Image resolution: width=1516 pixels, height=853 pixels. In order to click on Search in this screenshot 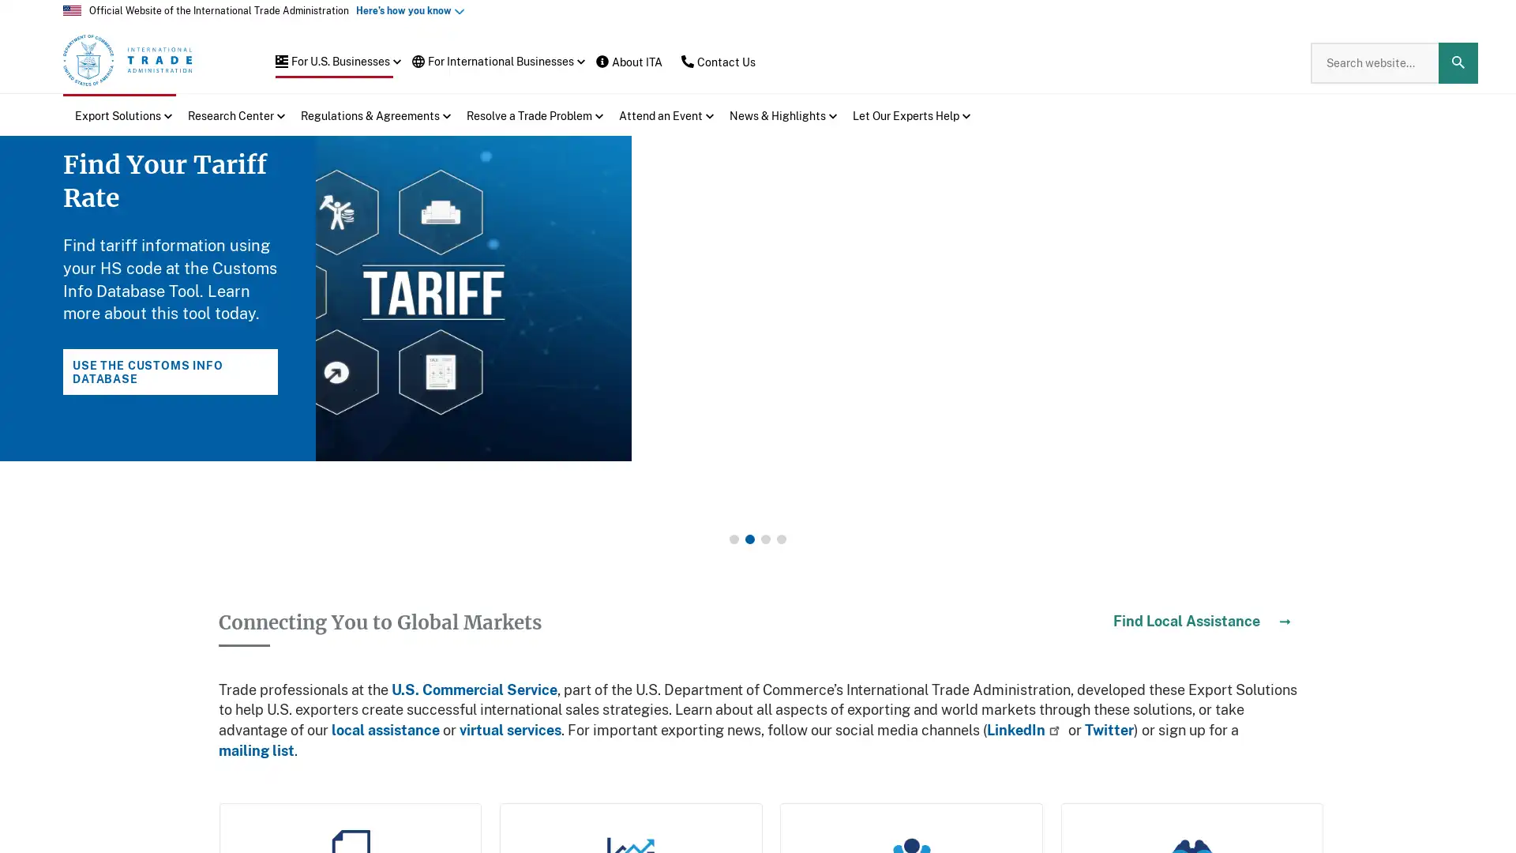, I will do `click(1458, 61)`.